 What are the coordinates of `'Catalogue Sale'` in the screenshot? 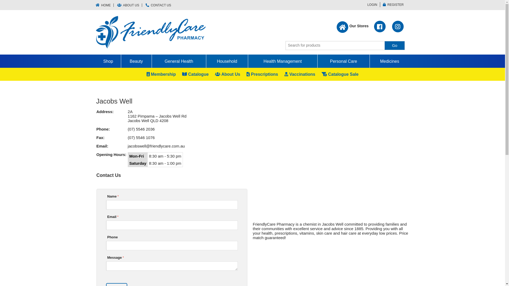 It's located at (340, 74).